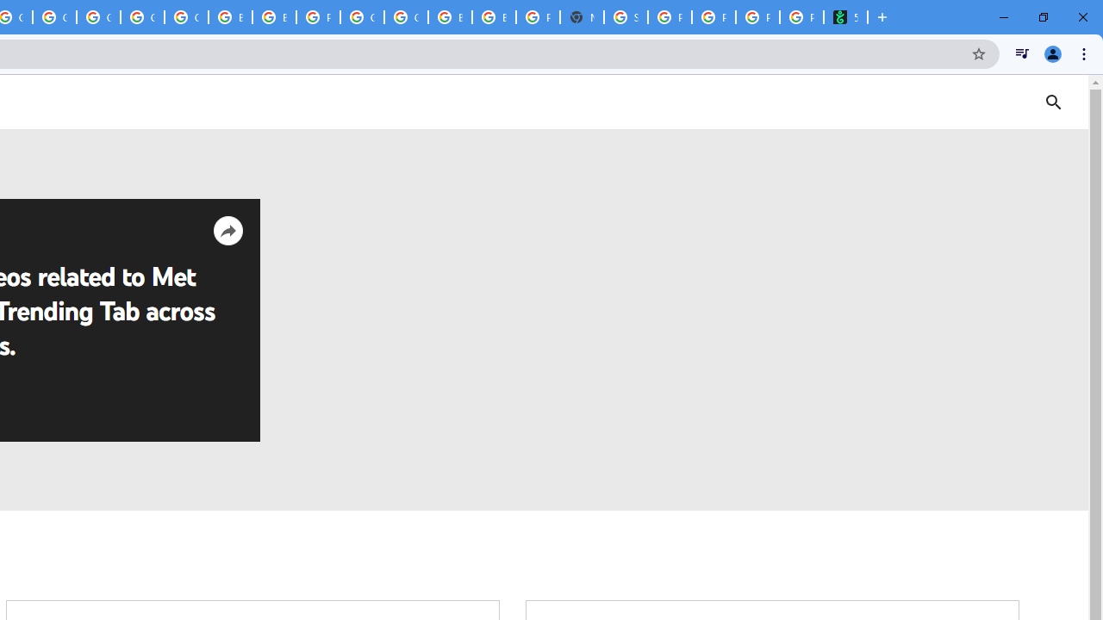 The height and width of the screenshot is (620, 1103). I want to click on 'Google Cloud Platform', so click(405, 17).